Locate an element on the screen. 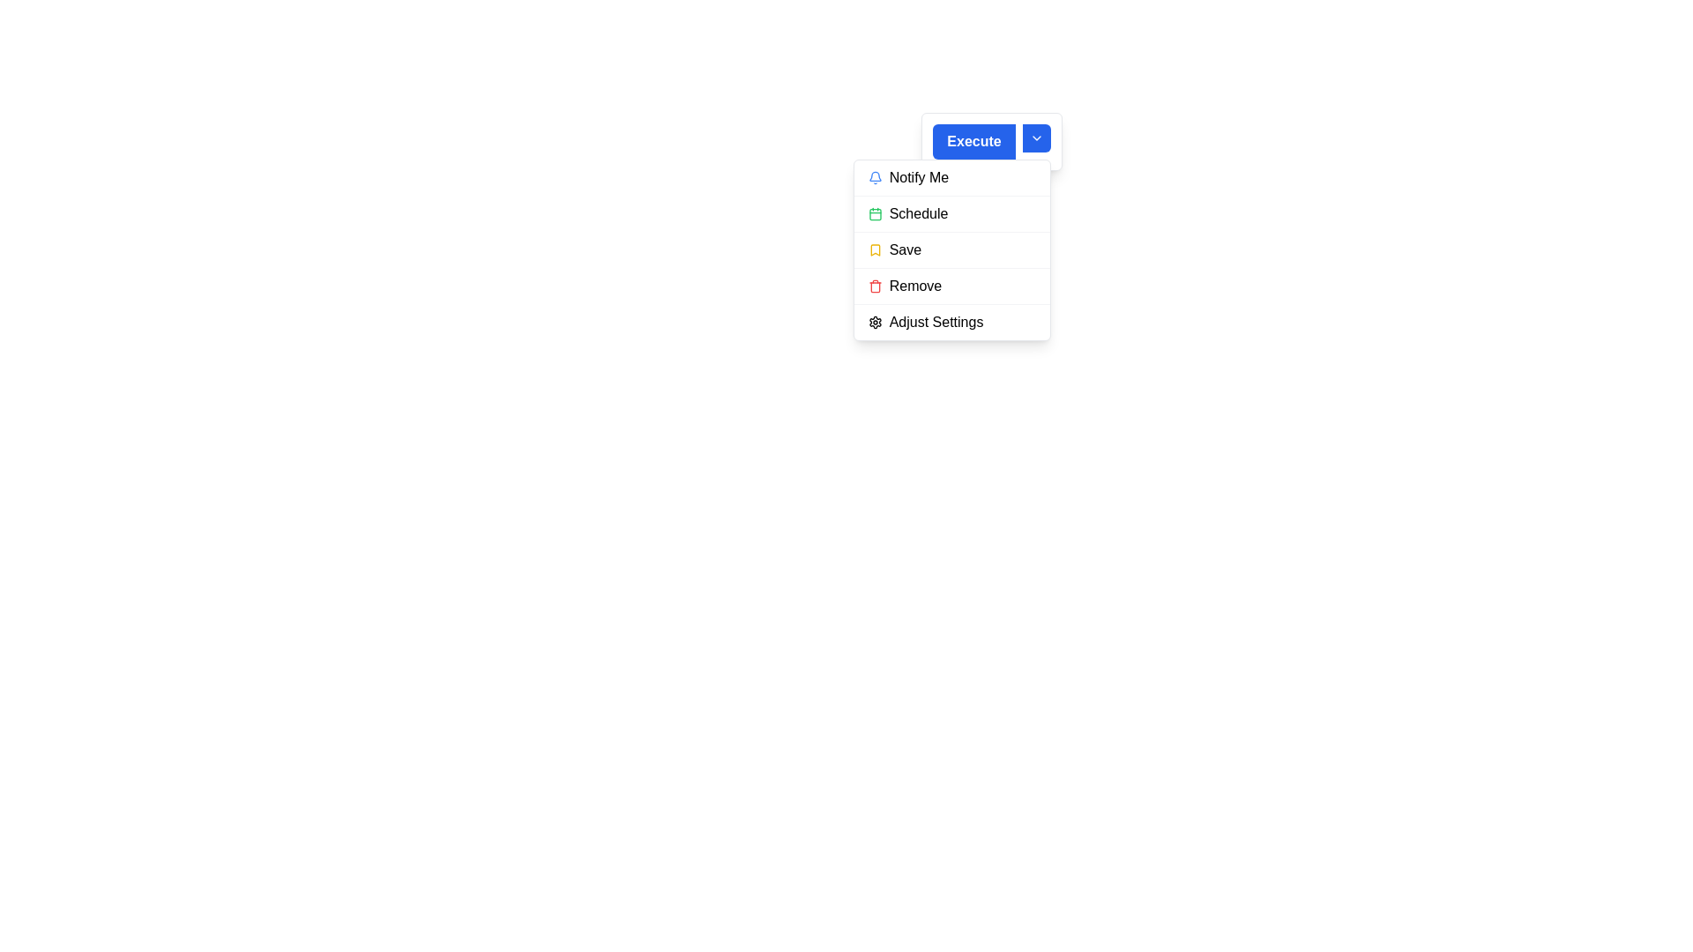 The width and height of the screenshot is (1693, 952). the leftmost icon within the 'Notify Me' button is located at coordinates (875, 177).